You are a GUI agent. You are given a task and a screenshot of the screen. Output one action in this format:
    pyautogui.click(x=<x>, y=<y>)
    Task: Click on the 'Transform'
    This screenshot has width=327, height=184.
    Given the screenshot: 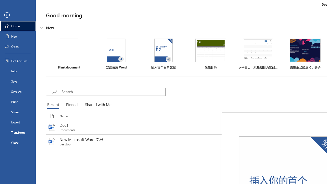 What is the action you would take?
    pyautogui.click(x=18, y=132)
    